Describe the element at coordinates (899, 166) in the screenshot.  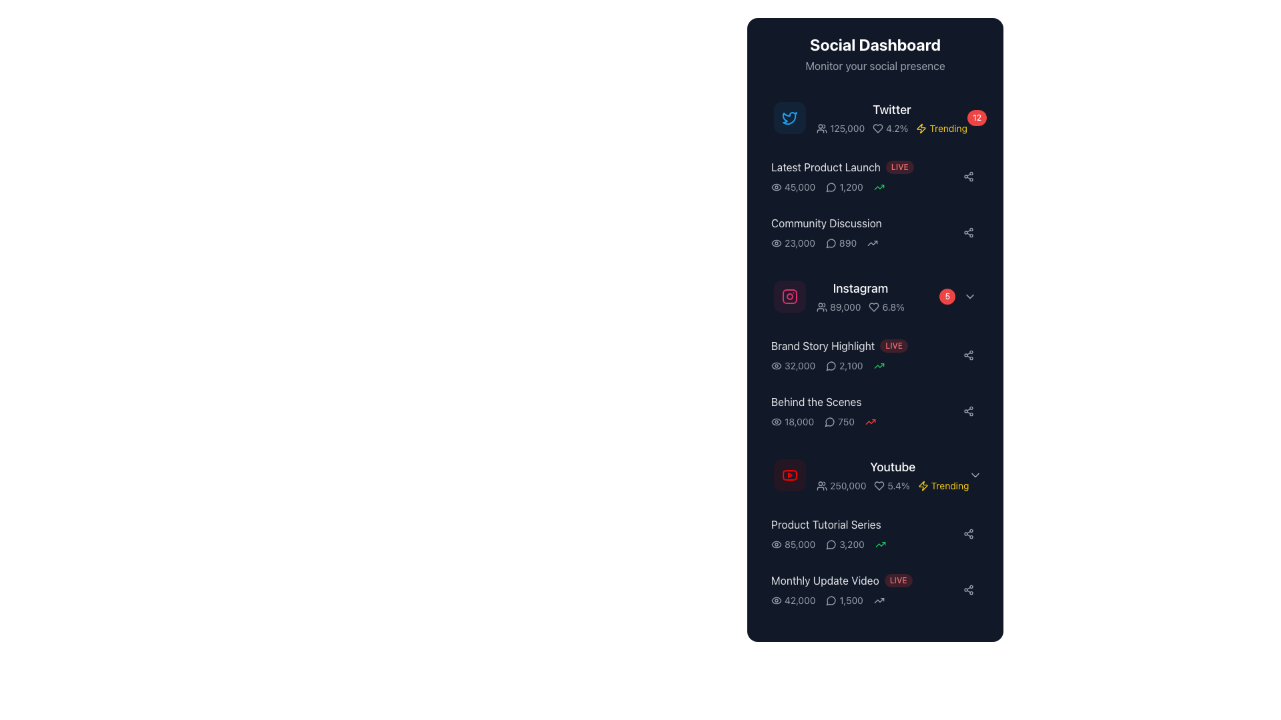
I see `the 'LIVE' status badge located immediately to the right of 'Latest Product Launch' in the Social Dashboard section` at that location.